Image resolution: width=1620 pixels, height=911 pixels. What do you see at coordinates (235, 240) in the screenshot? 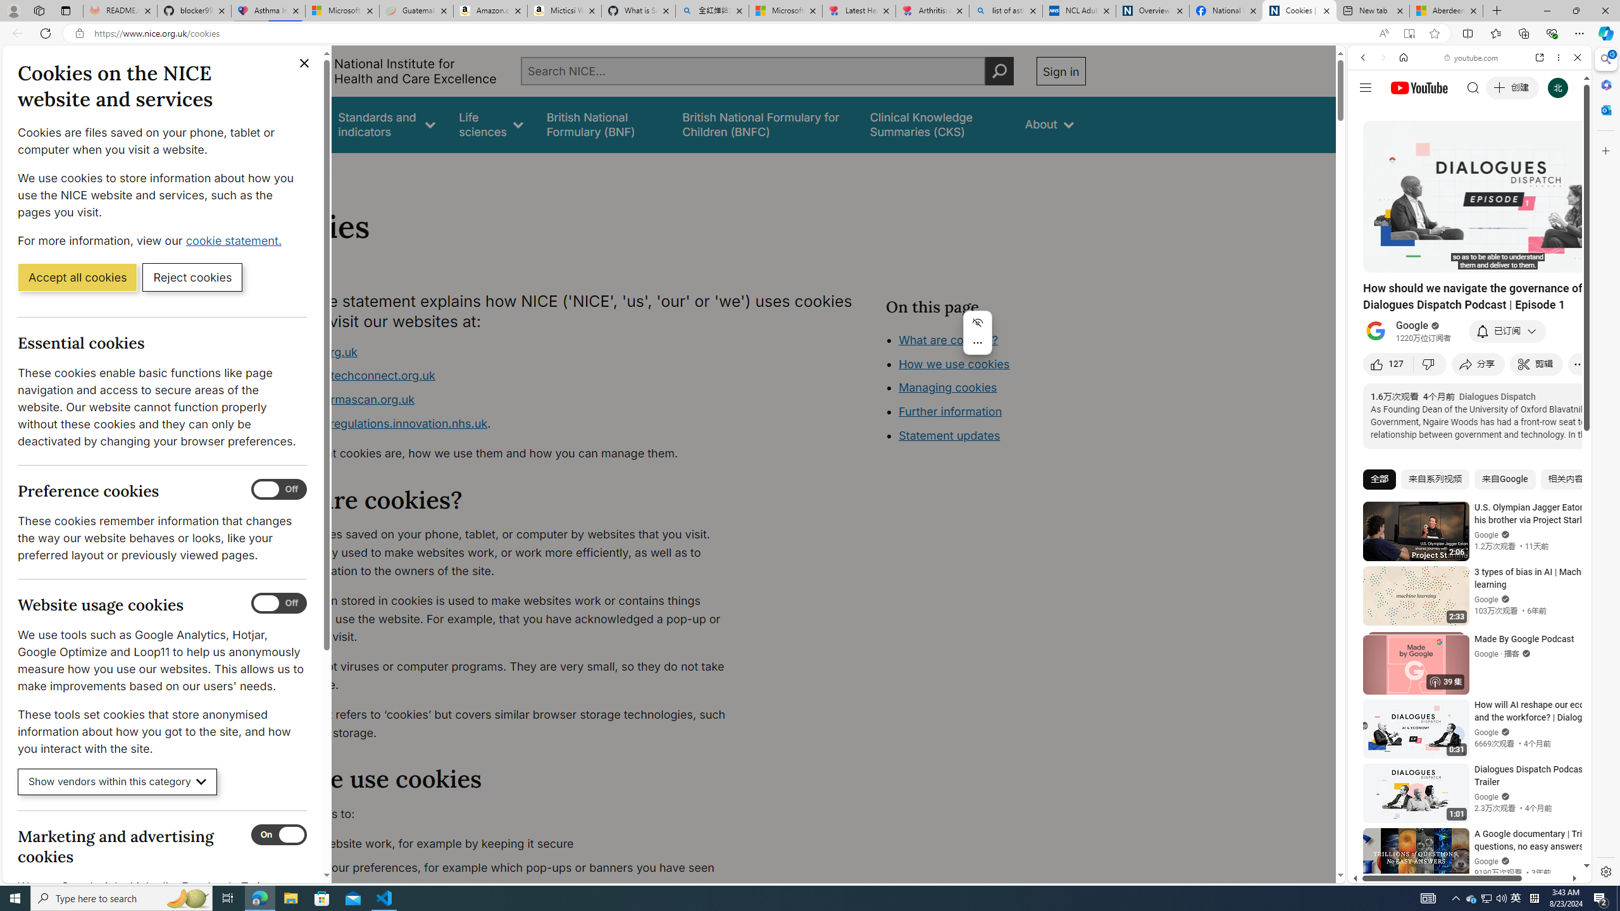
I see `'cookie statement. (Opens in a new window)'` at bounding box center [235, 240].